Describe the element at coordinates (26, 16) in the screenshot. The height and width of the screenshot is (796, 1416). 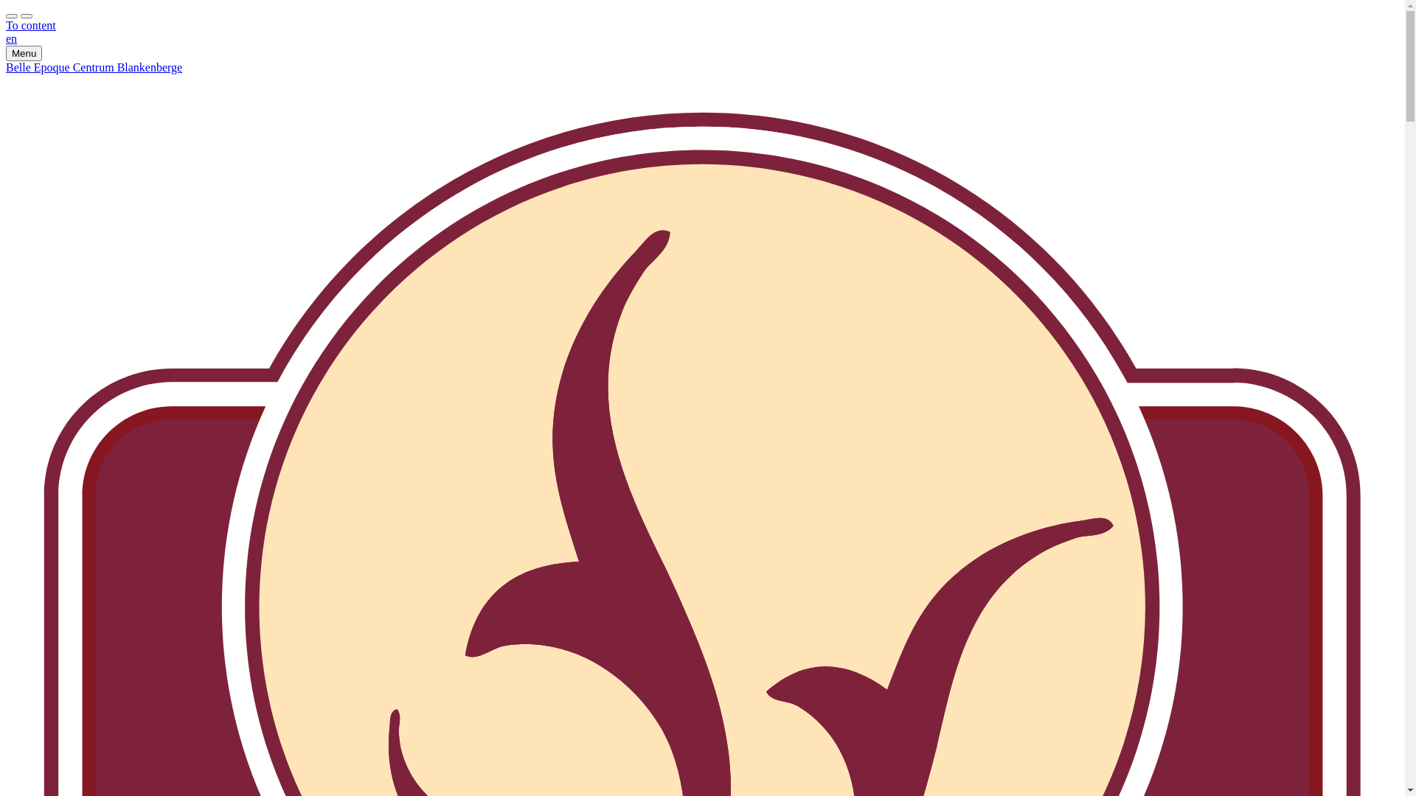
I see `'decline'` at that location.